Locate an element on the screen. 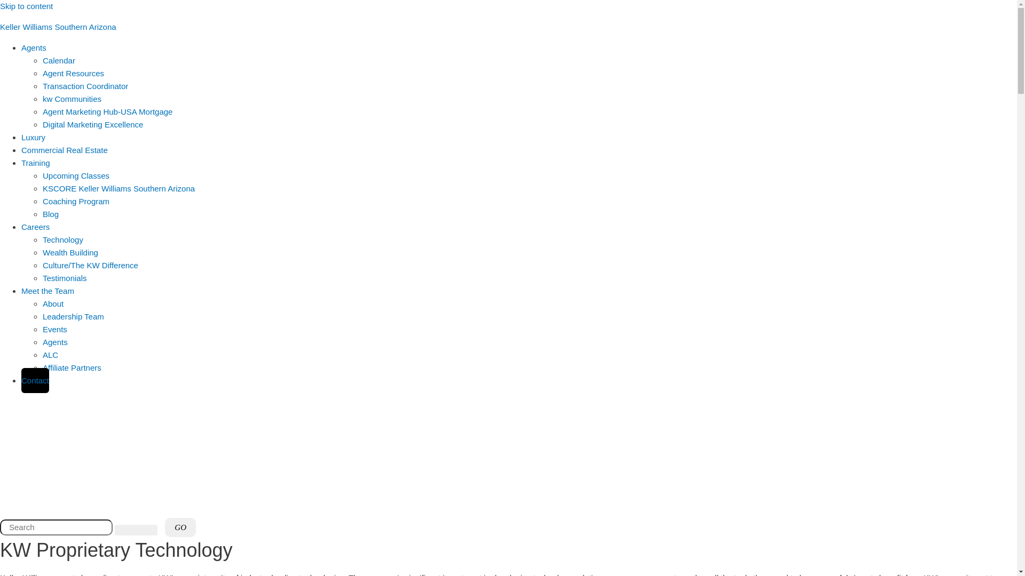 Image resolution: width=1025 pixels, height=576 pixels. 'Coaching Program' is located at coordinates (75, 201).